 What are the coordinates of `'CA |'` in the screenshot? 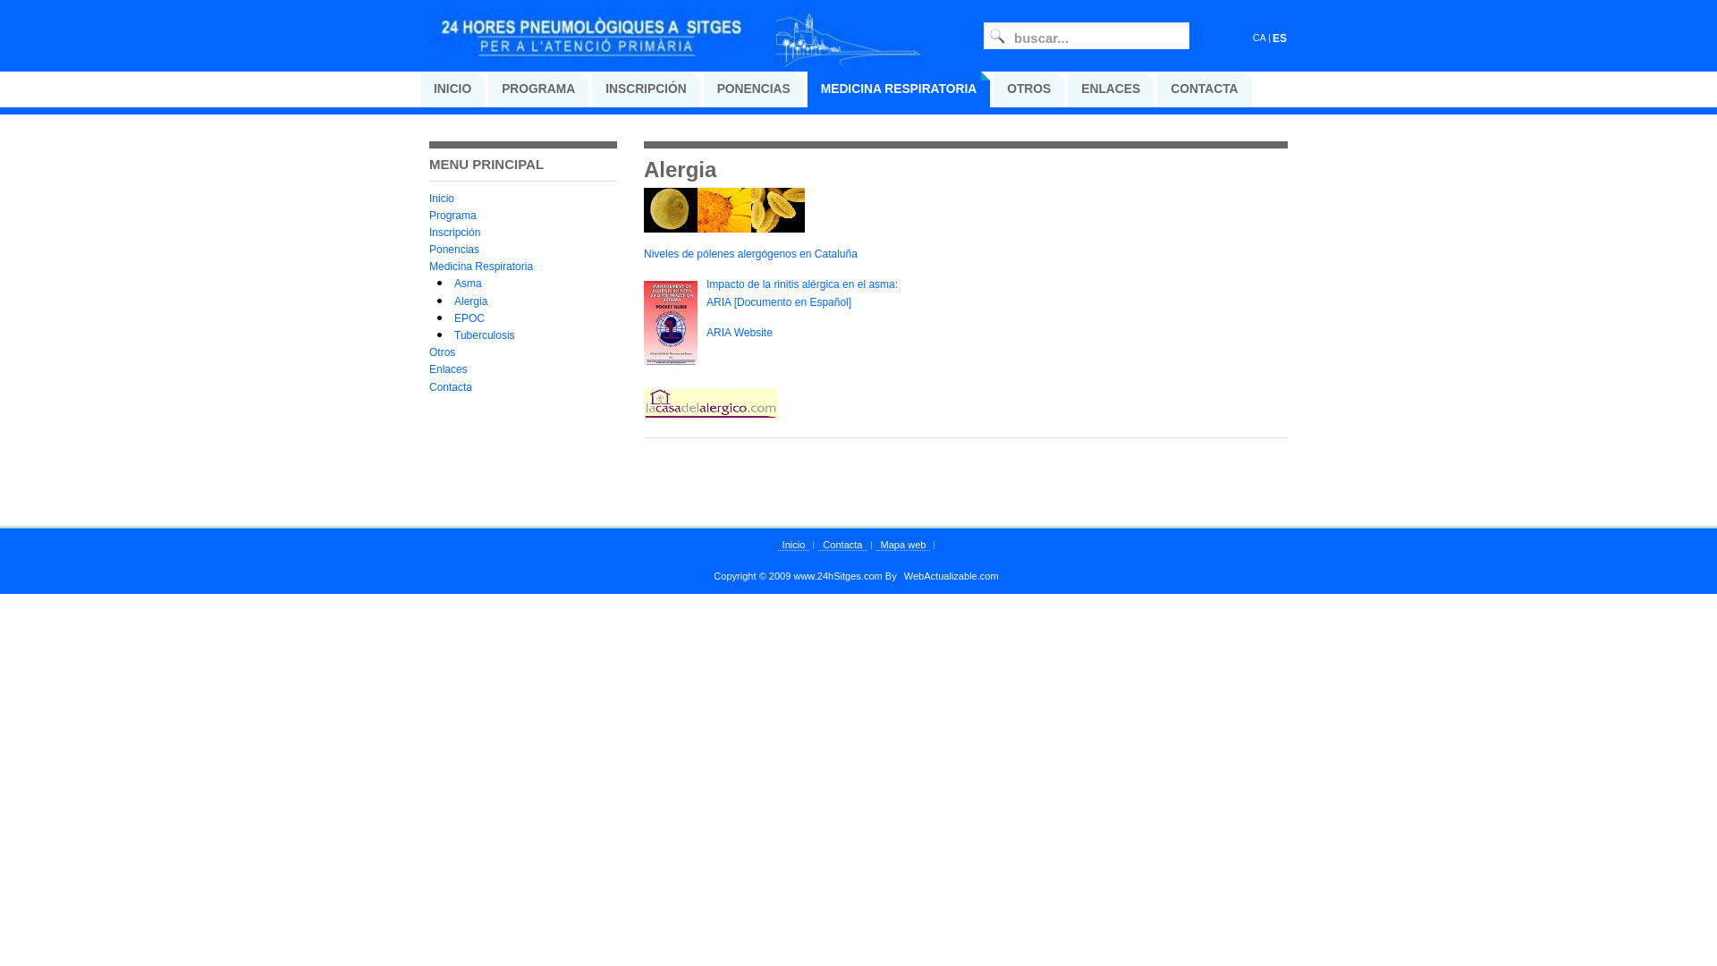 It's located at (1252, 38).